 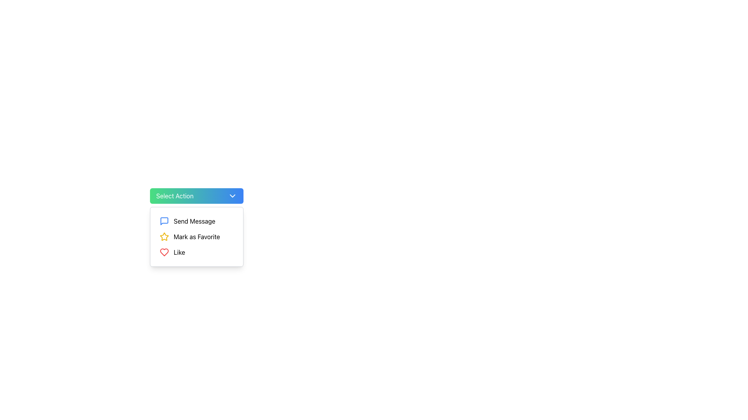 I want to click on the icon representing the action to mark an item as a favorite, which is located second in the vertical list of icons within the dropdown menu, next to the label 'Mark as Favorite', so click(x=164, y=236).